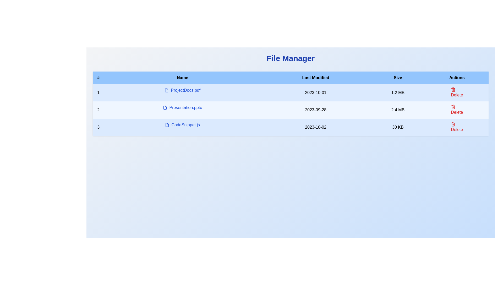 The width and height of the screenshot is (503, 283). Describe the element at coordinates (457, 110) in the screenshot. I see `the delete button with a trash icon and 'Delete' label in the Actions column of the second row to change its text color` at that location.